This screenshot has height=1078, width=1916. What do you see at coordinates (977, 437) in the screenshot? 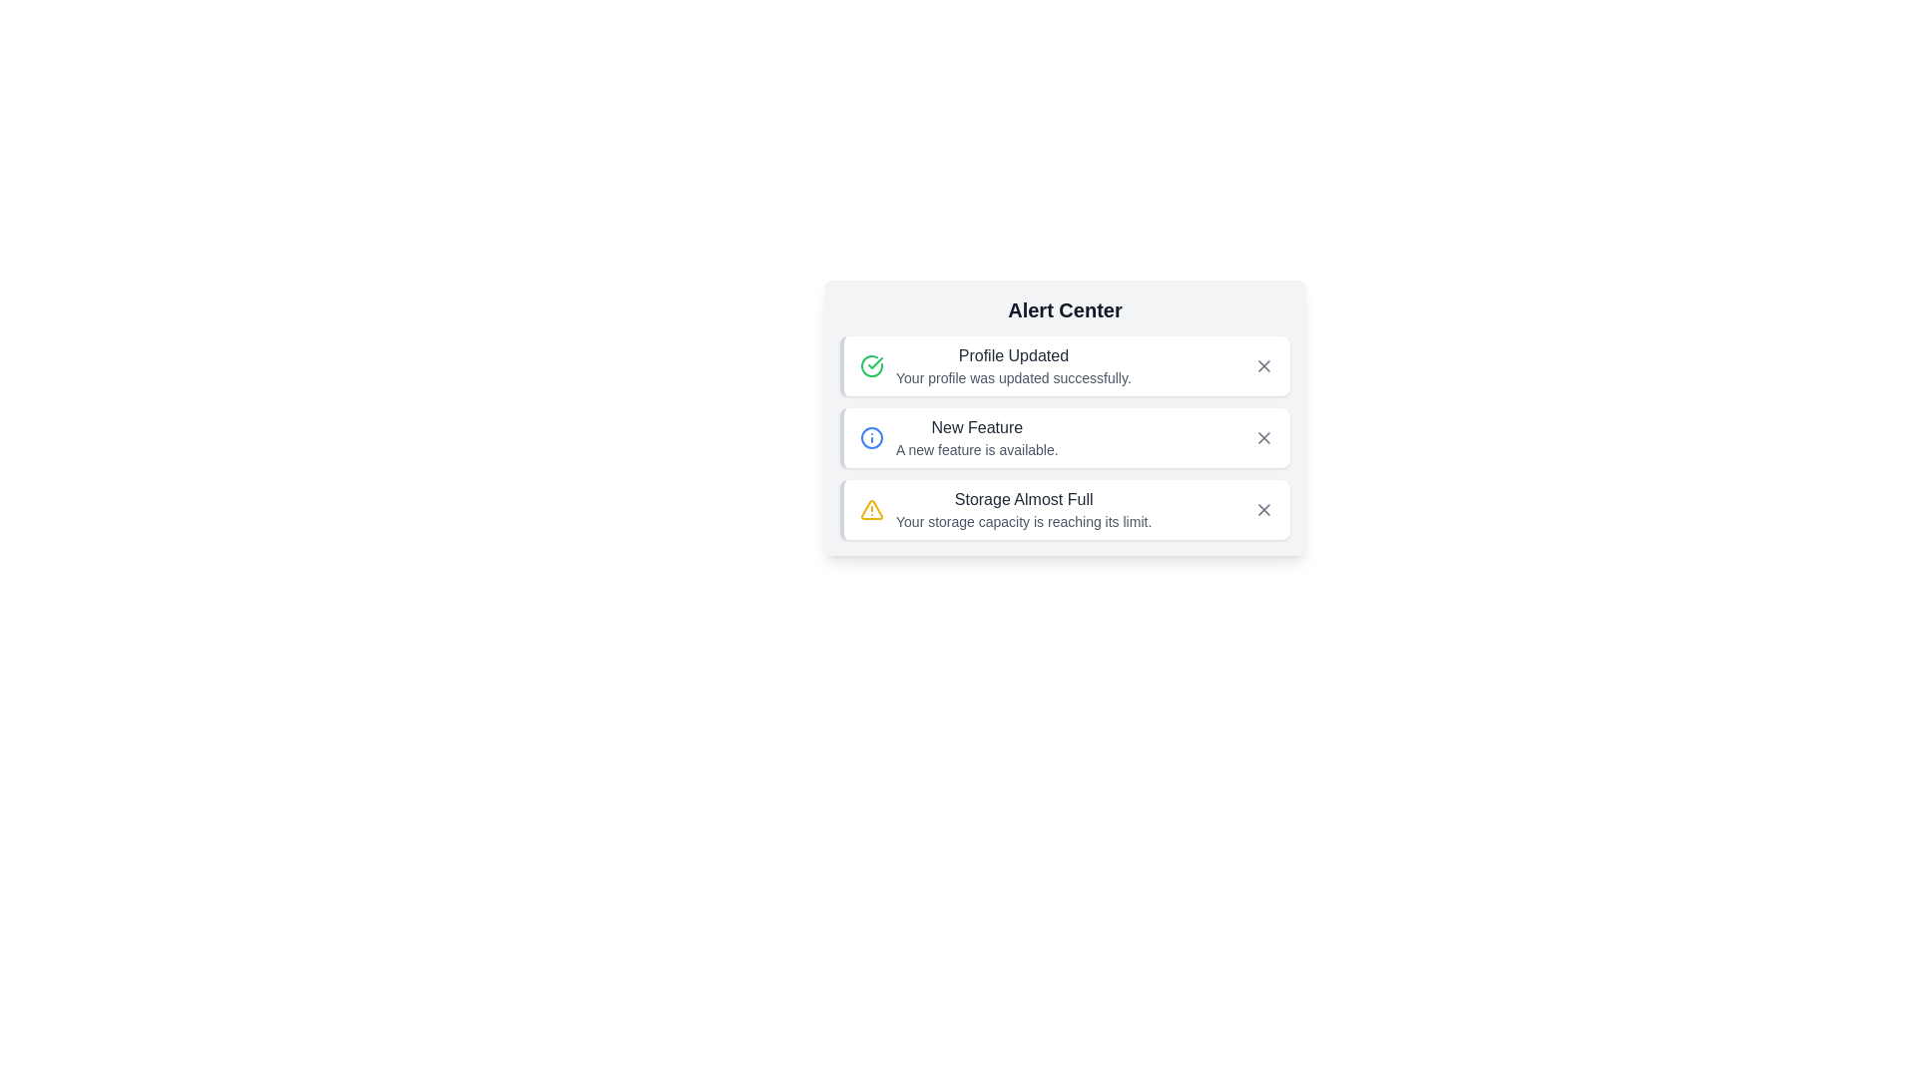
I see `the informational text block titled 'New Feature', which includes the description 'A new feature is available.' This is the second notification entry in the list, centrally positioned in the layout` at bounding box center [977, 437].